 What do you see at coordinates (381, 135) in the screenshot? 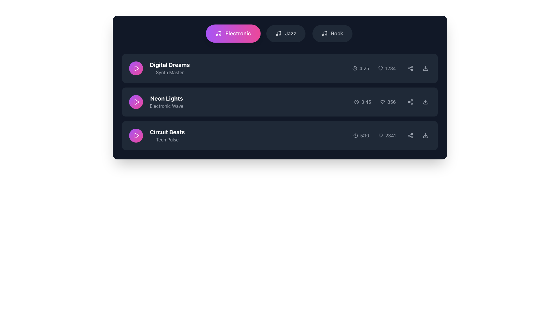
I see `the heart icon located to the left of the number '2341' in the third row of the 'Circuit Beats' listing` at bounding box center [381, 135].